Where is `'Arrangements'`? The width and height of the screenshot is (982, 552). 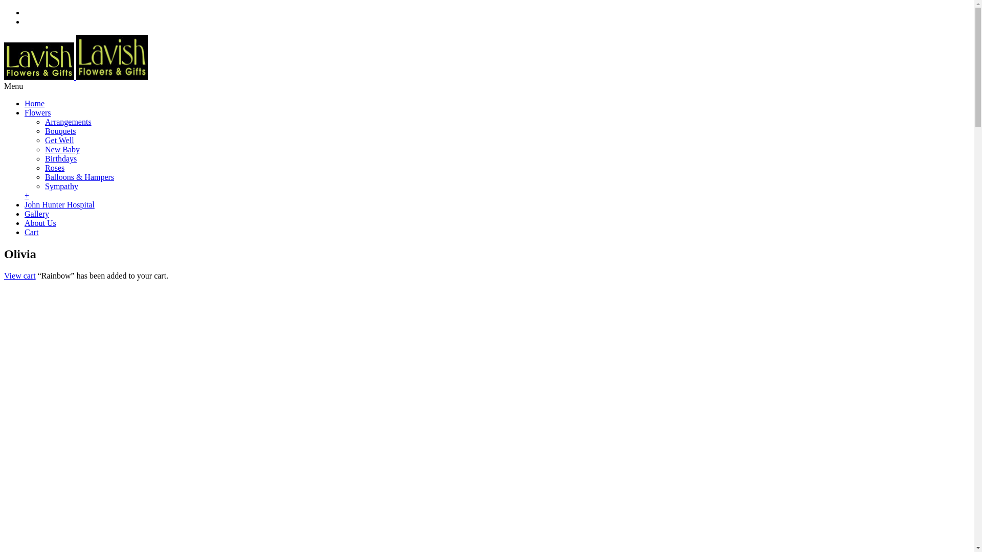 'Arrangements' is located at coordinates (44, 121).